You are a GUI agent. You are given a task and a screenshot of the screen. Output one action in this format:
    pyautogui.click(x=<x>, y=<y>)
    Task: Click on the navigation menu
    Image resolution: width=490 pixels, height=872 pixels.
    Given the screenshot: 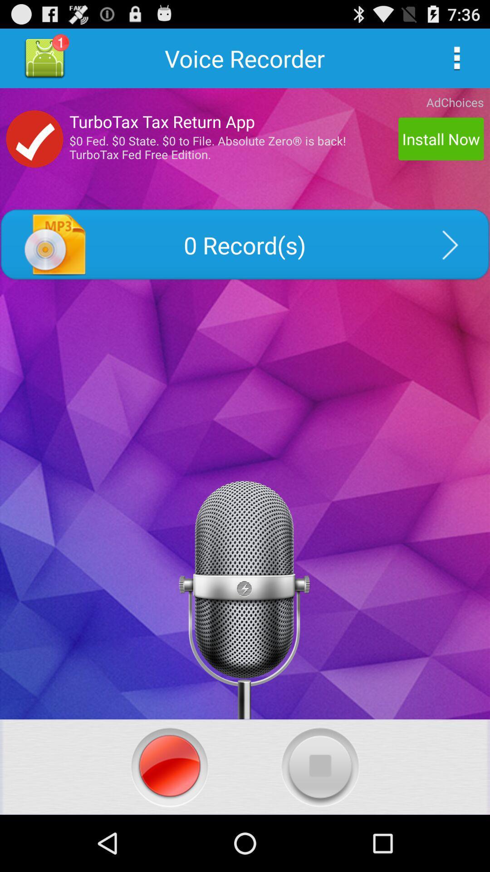 What is the action you would take?
    pyautogui.click(x=456, y=58)
    